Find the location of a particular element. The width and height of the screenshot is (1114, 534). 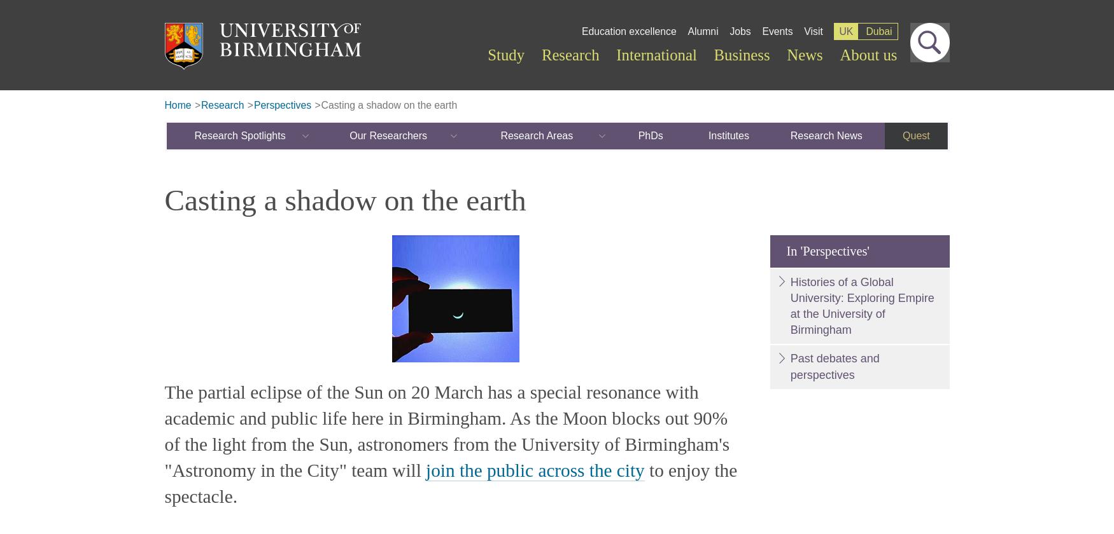

'Institutes' is located at coordinates (727, 135).